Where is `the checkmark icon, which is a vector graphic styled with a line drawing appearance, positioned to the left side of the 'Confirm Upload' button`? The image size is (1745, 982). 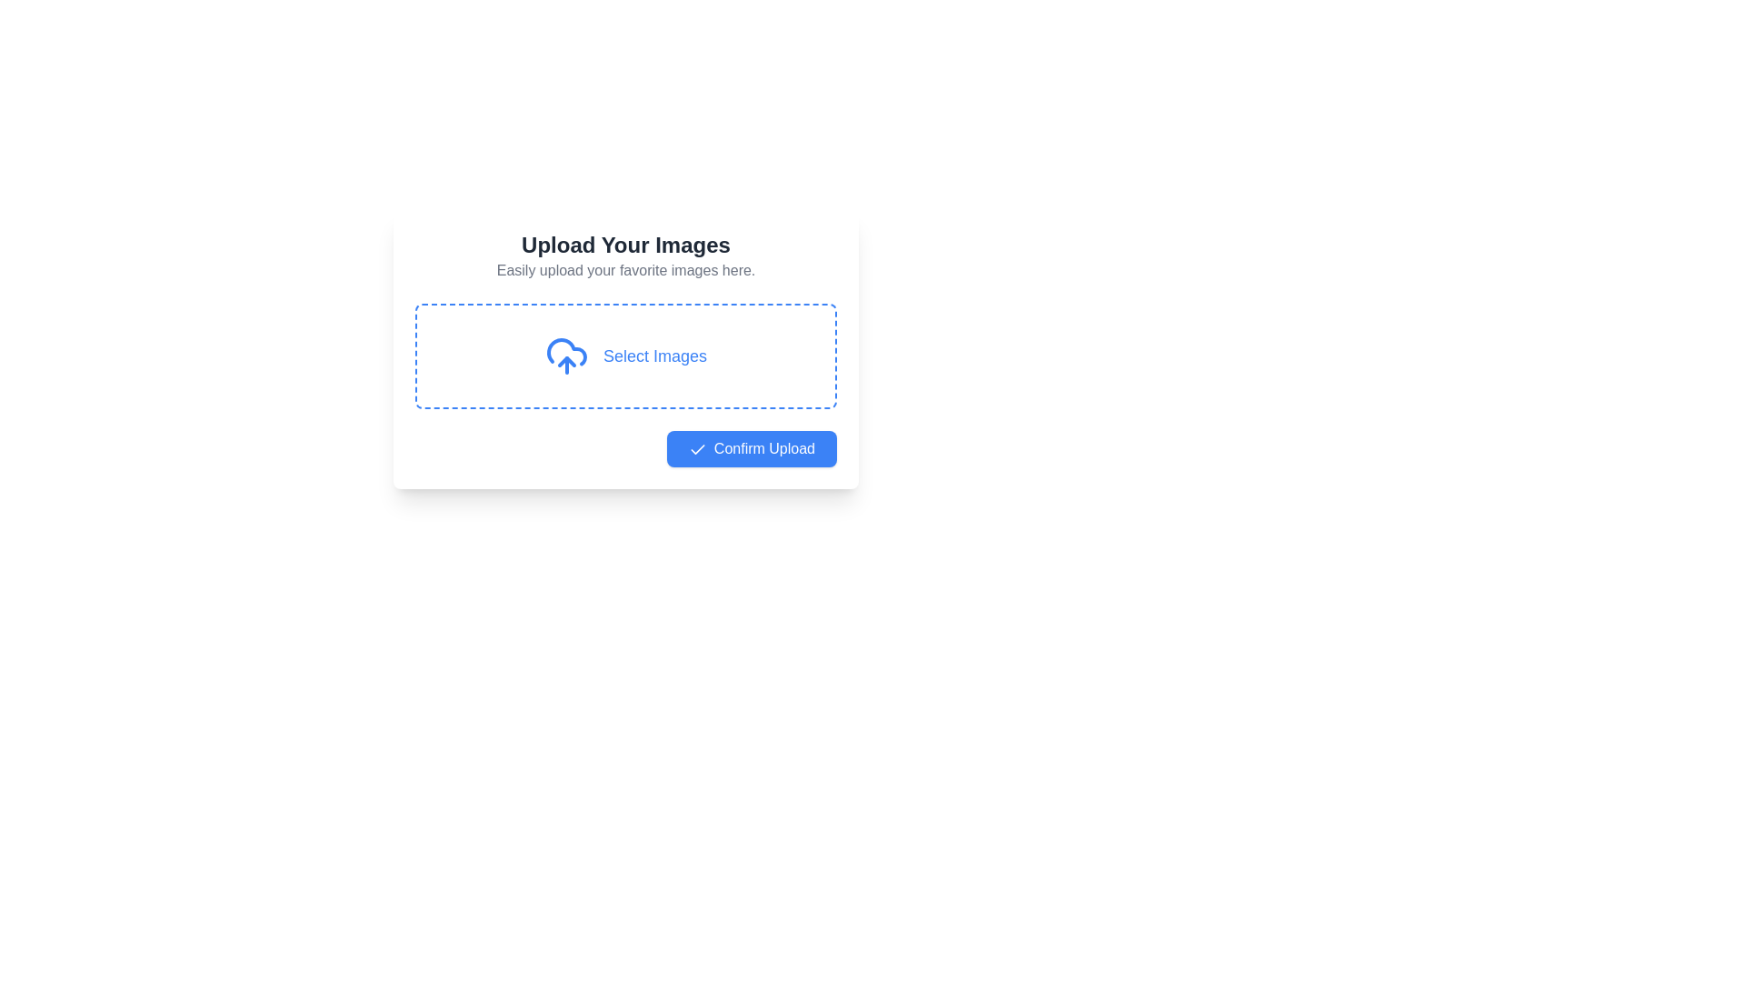
the checkmark icon, which is a vector graphic styled with a line drawing appearance, positioned to the left side of the 'Confirm Upload' button is located at coordinates (696, 449).